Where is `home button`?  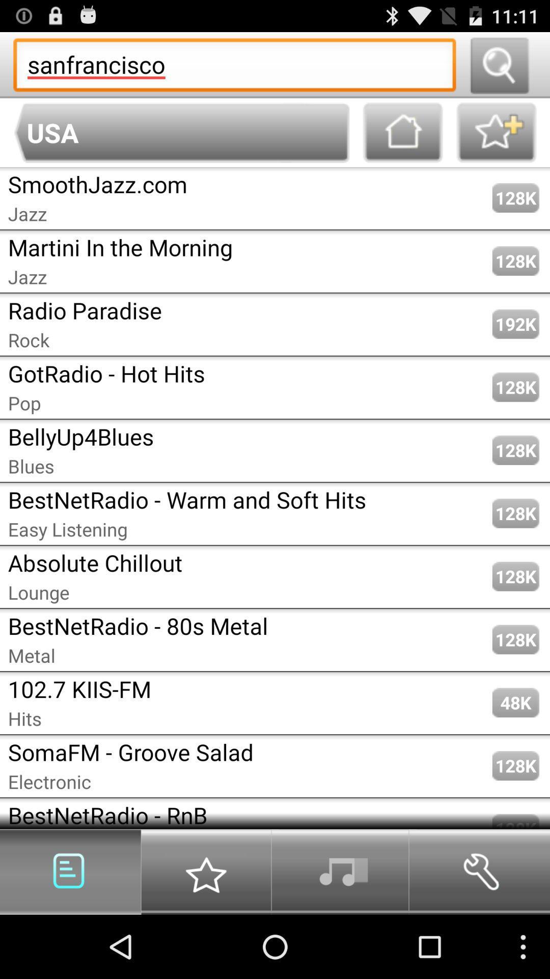 home button is located at coordinates (402, 132).